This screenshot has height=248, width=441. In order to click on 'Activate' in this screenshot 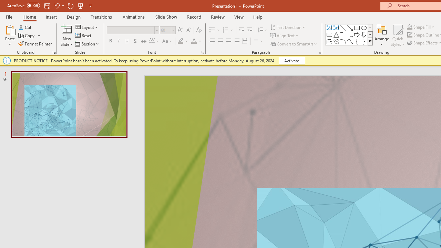, I will do `click(292, 60)`.